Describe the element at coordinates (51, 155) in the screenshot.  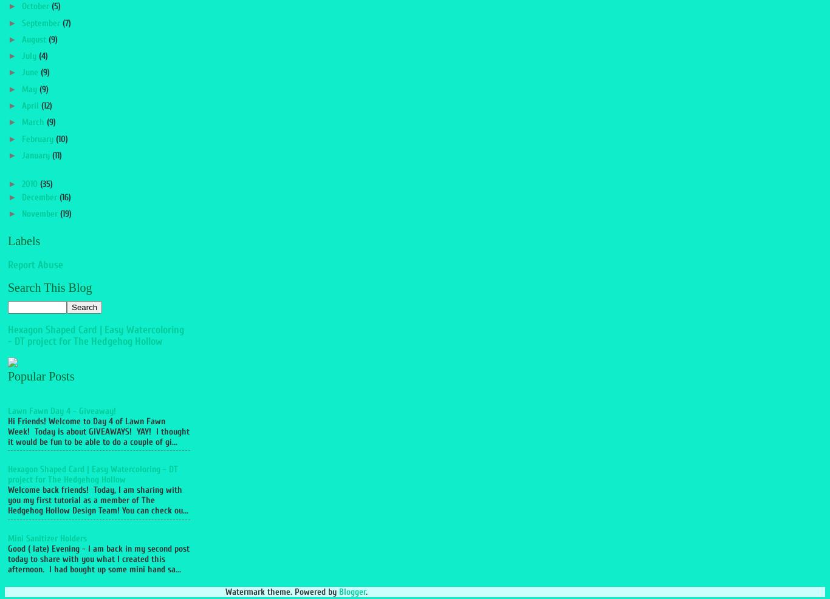
I see `'(11)'` at that location.